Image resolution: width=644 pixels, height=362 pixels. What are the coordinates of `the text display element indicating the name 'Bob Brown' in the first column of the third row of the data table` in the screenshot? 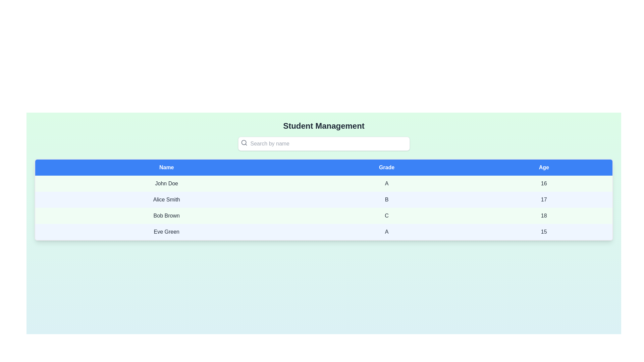 It's located at (166, 216).